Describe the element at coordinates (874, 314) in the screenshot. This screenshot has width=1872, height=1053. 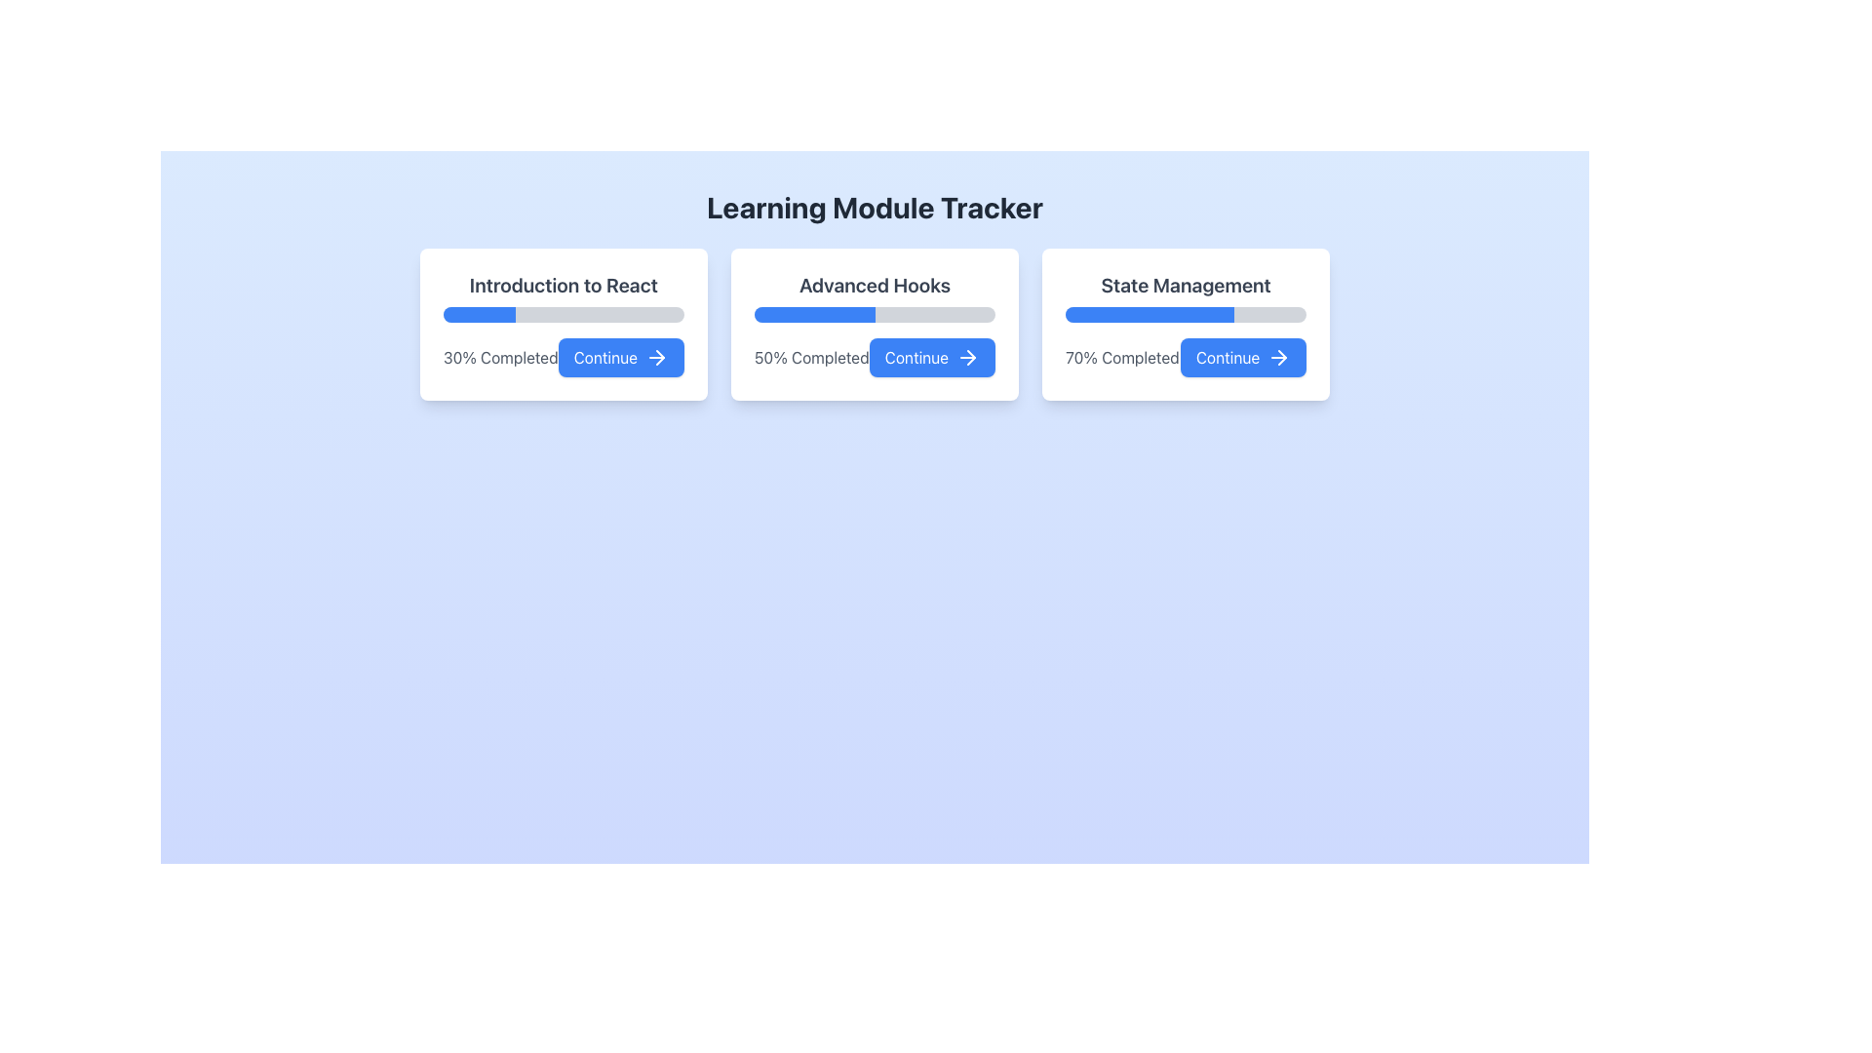
I see `the progress bar located within the 'Advanced Hooks' card, positioned directly below the title and above the '50% Completed' text` at that location.